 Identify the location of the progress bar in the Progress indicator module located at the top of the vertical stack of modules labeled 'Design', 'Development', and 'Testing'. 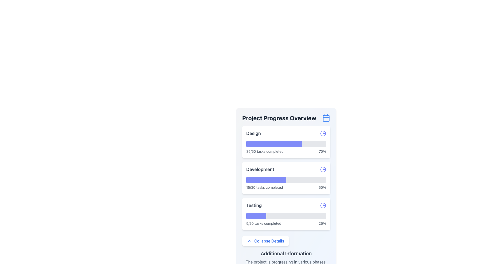
(286, 142).